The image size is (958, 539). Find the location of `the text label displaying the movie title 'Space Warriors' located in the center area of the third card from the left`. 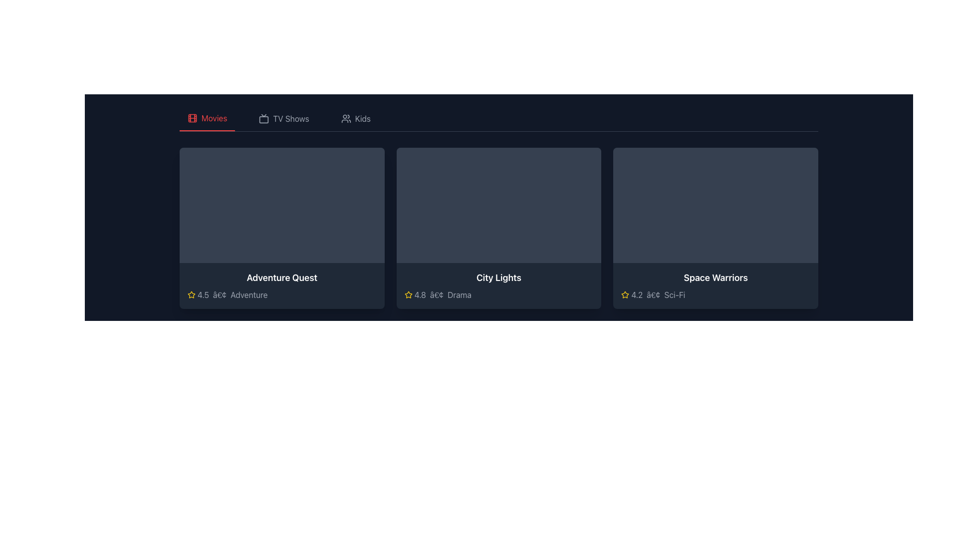

the text label displaying the movie title 'Space Warriors' located in the center area of the third card from the left is located at coordinates (715, 277).